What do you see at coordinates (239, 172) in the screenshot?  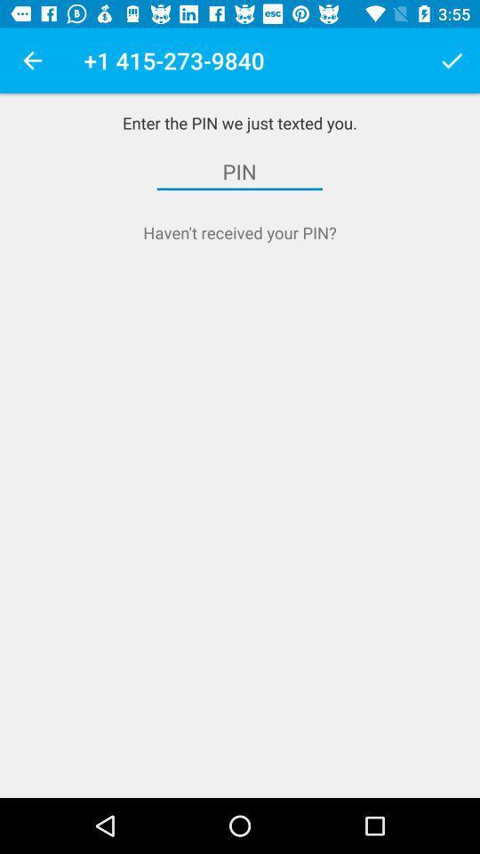 I see `the item below enter the pin` at bounding box center [239, 172].